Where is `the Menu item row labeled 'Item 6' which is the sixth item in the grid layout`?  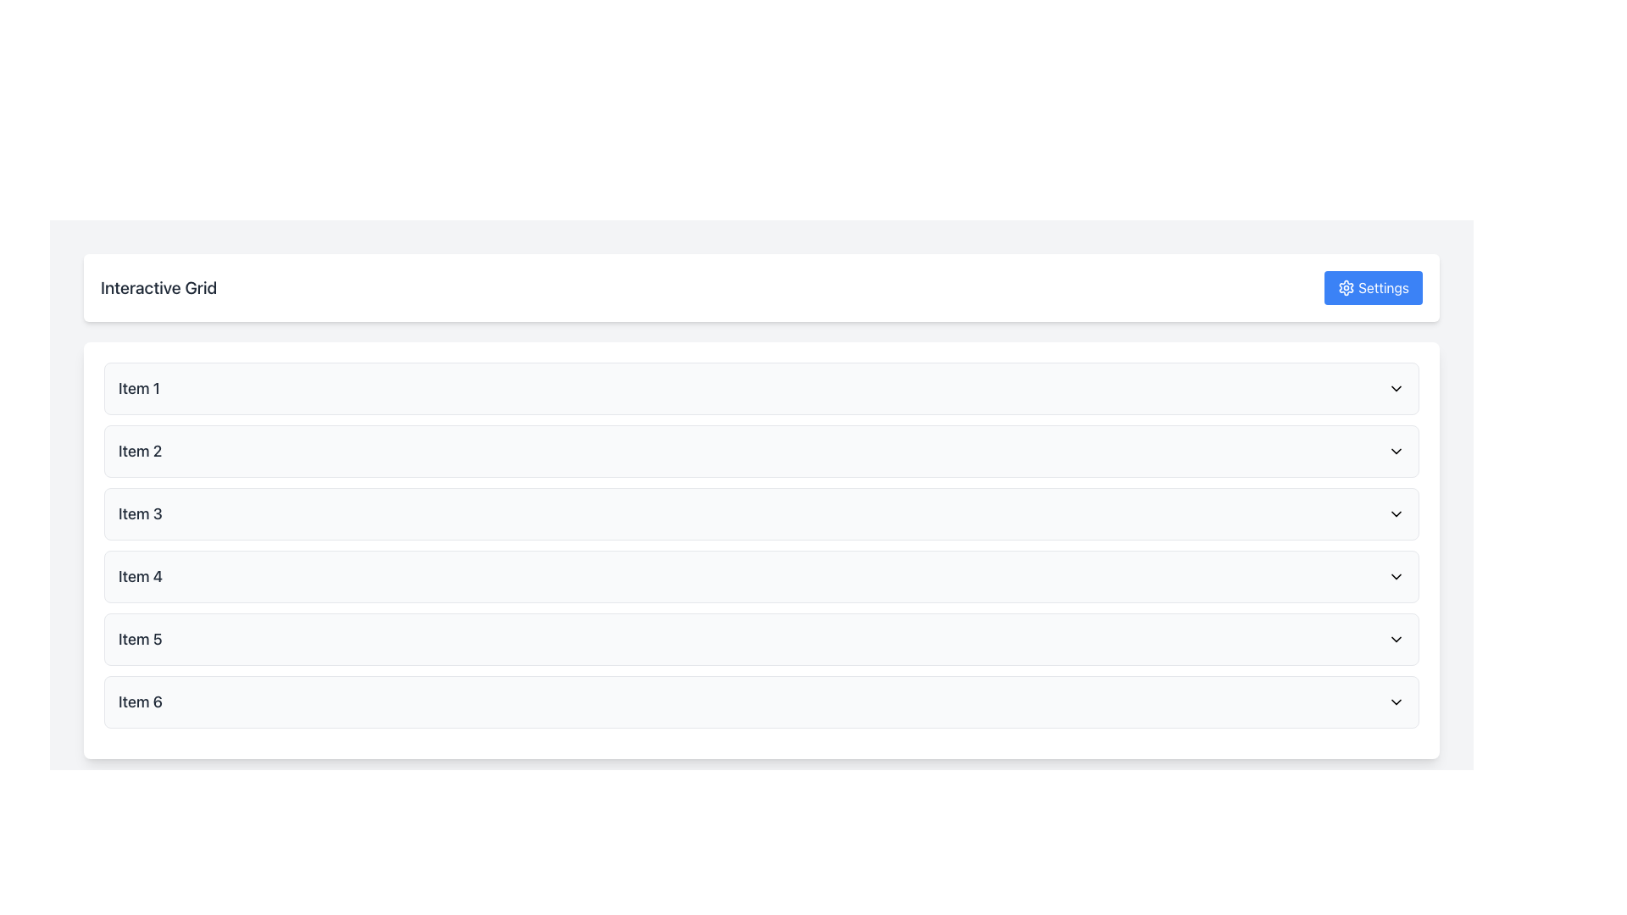 the Menu item row labeled 'Item 6' which is the sixth item in the grid layout is located at coordinates (760, 702).